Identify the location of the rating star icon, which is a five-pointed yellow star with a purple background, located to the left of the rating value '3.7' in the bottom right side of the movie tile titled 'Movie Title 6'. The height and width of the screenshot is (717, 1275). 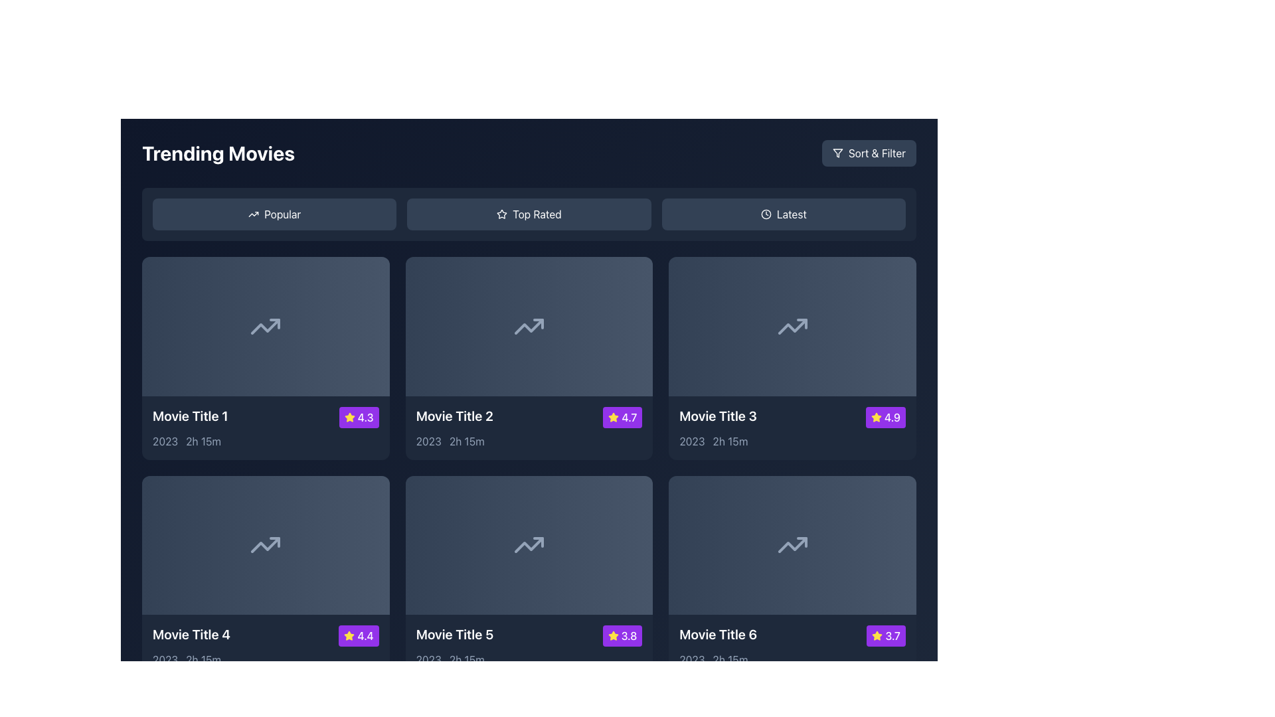
(877, 635).